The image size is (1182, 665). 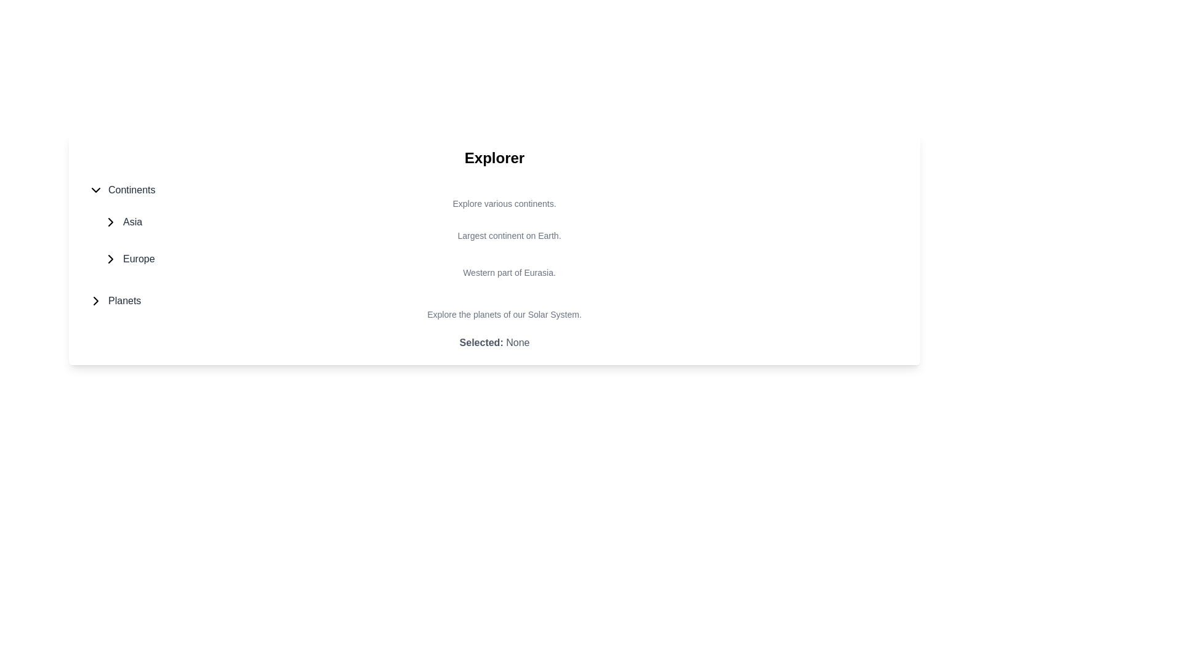 I want to click on the text label reading 'Asia' in the vertical navigation menu under 'Continents', so click(x=132, y=222).